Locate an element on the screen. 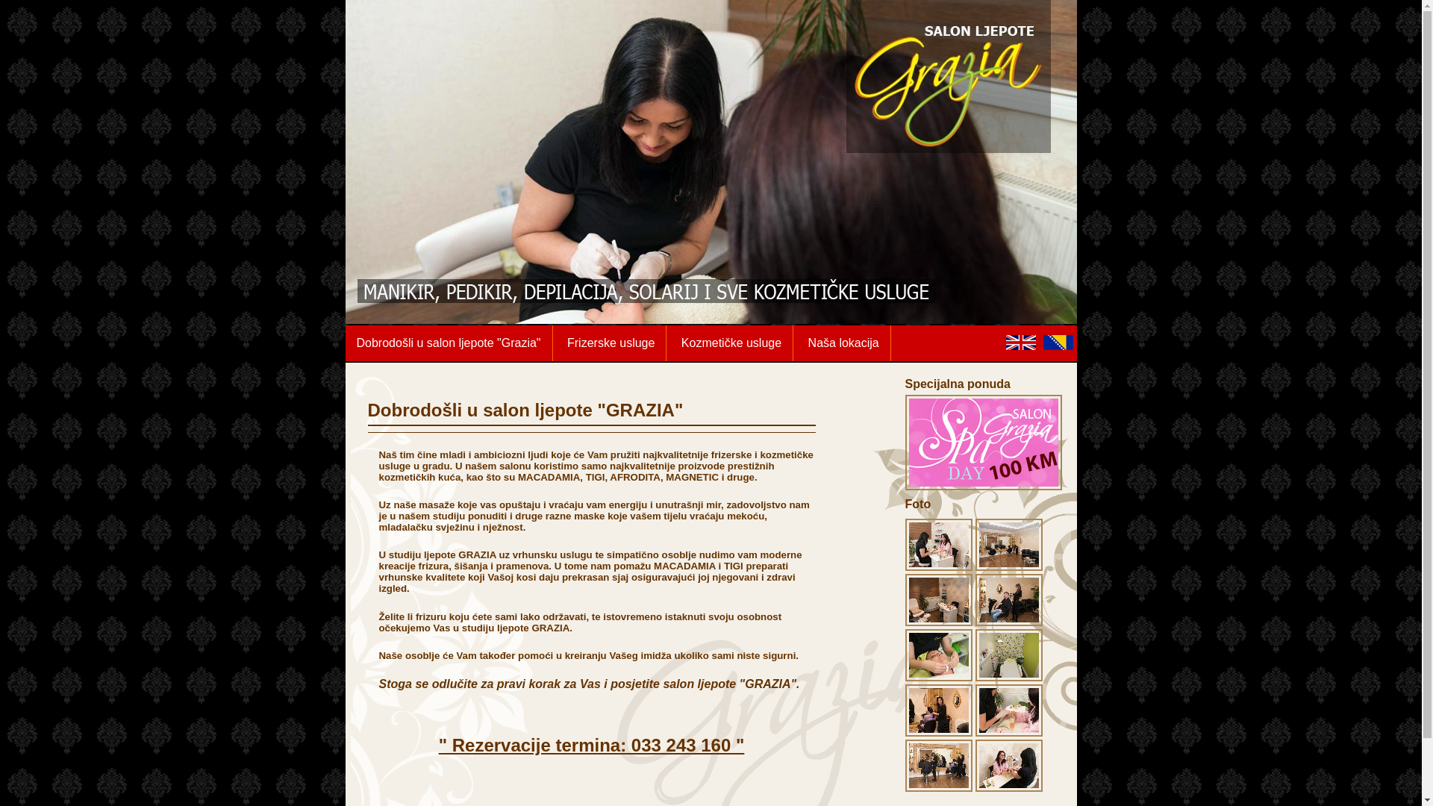 Image resolution: width=1433 pixels, height=806 pixels. 'Grazia home gallery - picture 1' is located at coordinates (937, 566).